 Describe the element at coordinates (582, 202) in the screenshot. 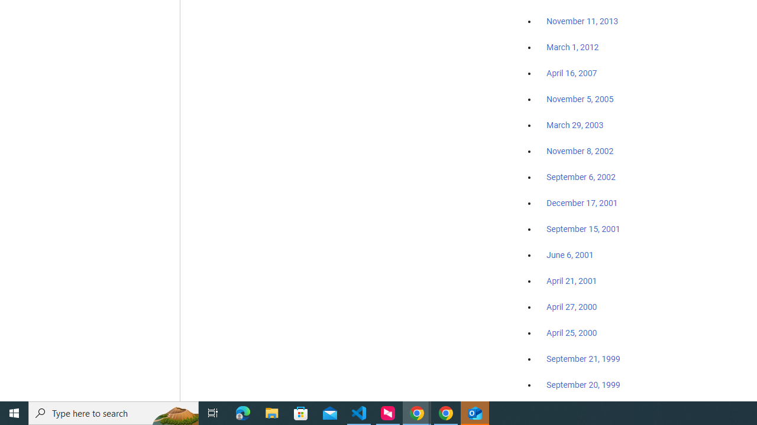

I see `'December 17, 2001'` at that location.